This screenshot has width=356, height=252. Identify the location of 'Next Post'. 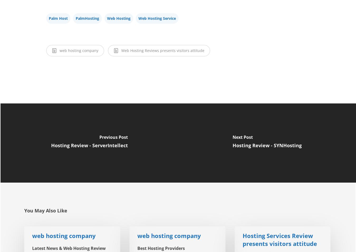
(242, 137).